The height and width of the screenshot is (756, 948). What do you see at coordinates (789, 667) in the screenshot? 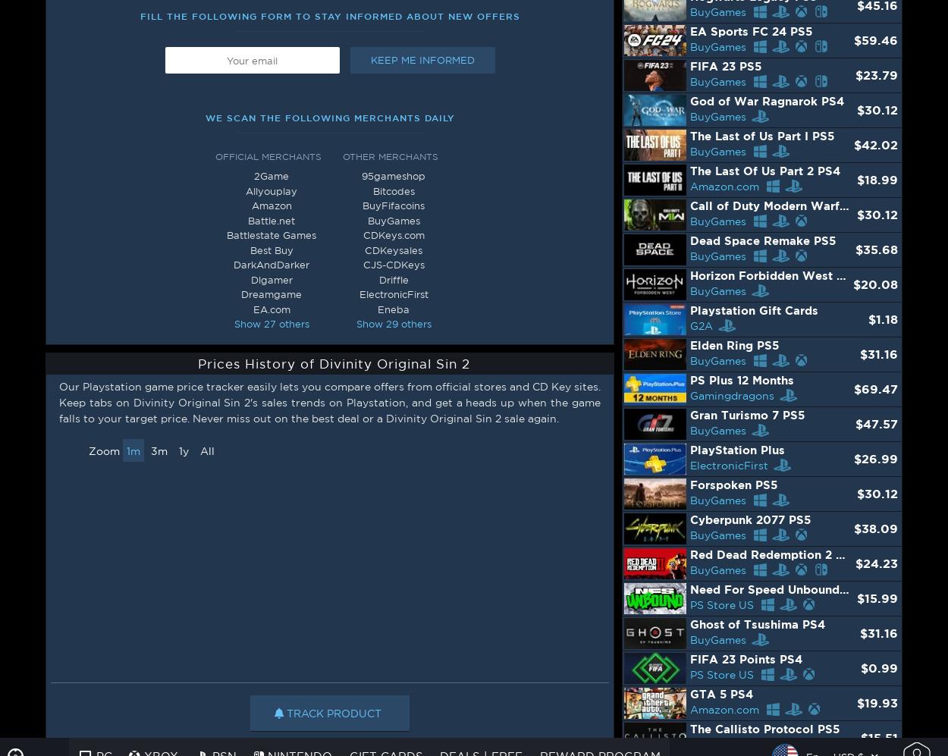
I see `'Subscribe to the CheapDigitalDownload's newsletter ans get the Best Deals, Free Game and Coupons.'` at bounding box center [789, 667].